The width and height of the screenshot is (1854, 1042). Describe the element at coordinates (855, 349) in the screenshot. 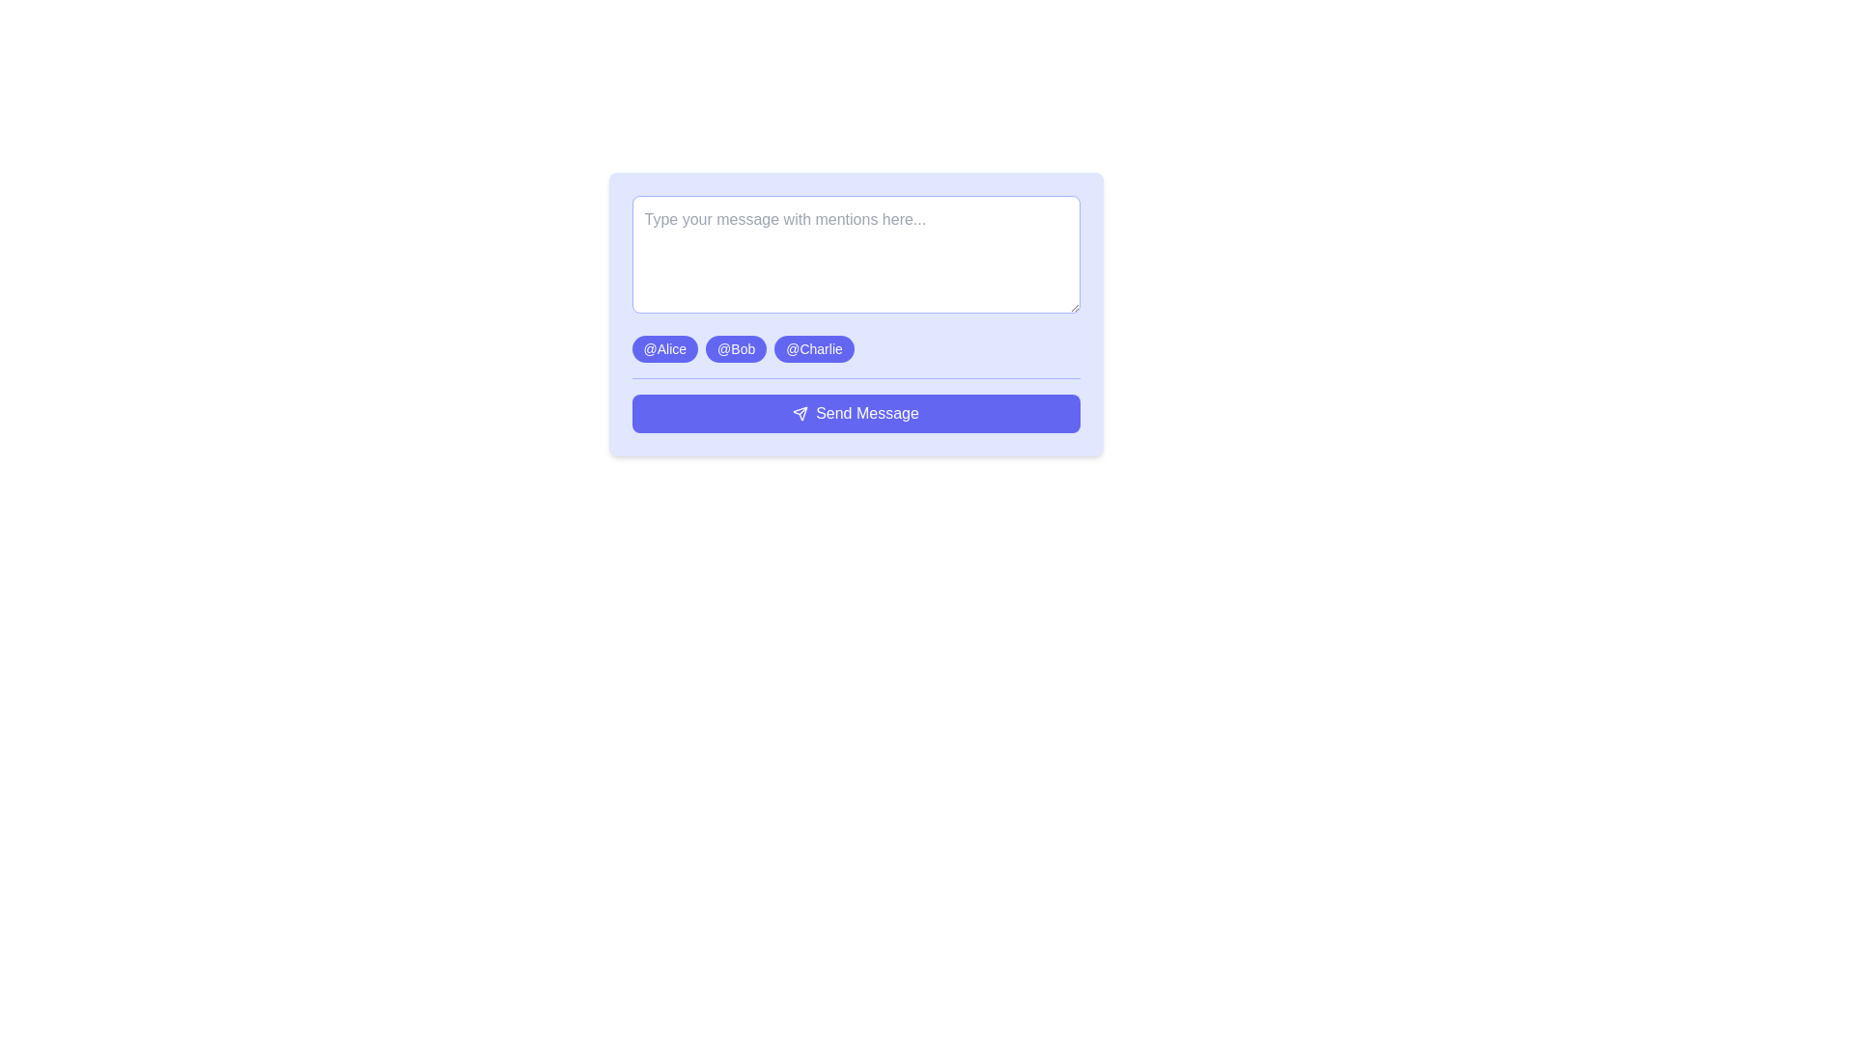

I see `the mention tag group containing '@Alice', '@Bob', and '@Charlie'` at that location.